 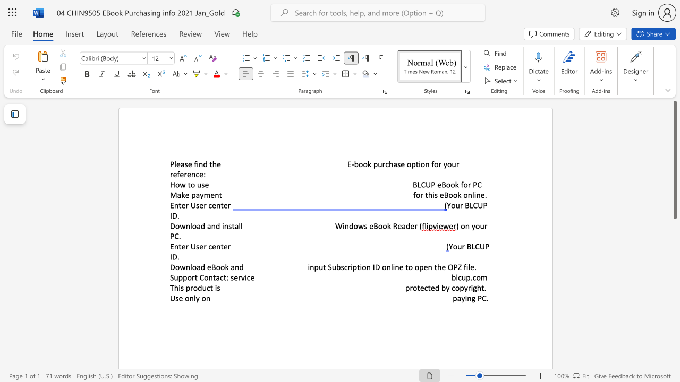 What do you see at coordinates (187, 173) in the screenshot?
I see `the subset text "ence" within the text "for your reference:"` at bounding box center [187, 173].